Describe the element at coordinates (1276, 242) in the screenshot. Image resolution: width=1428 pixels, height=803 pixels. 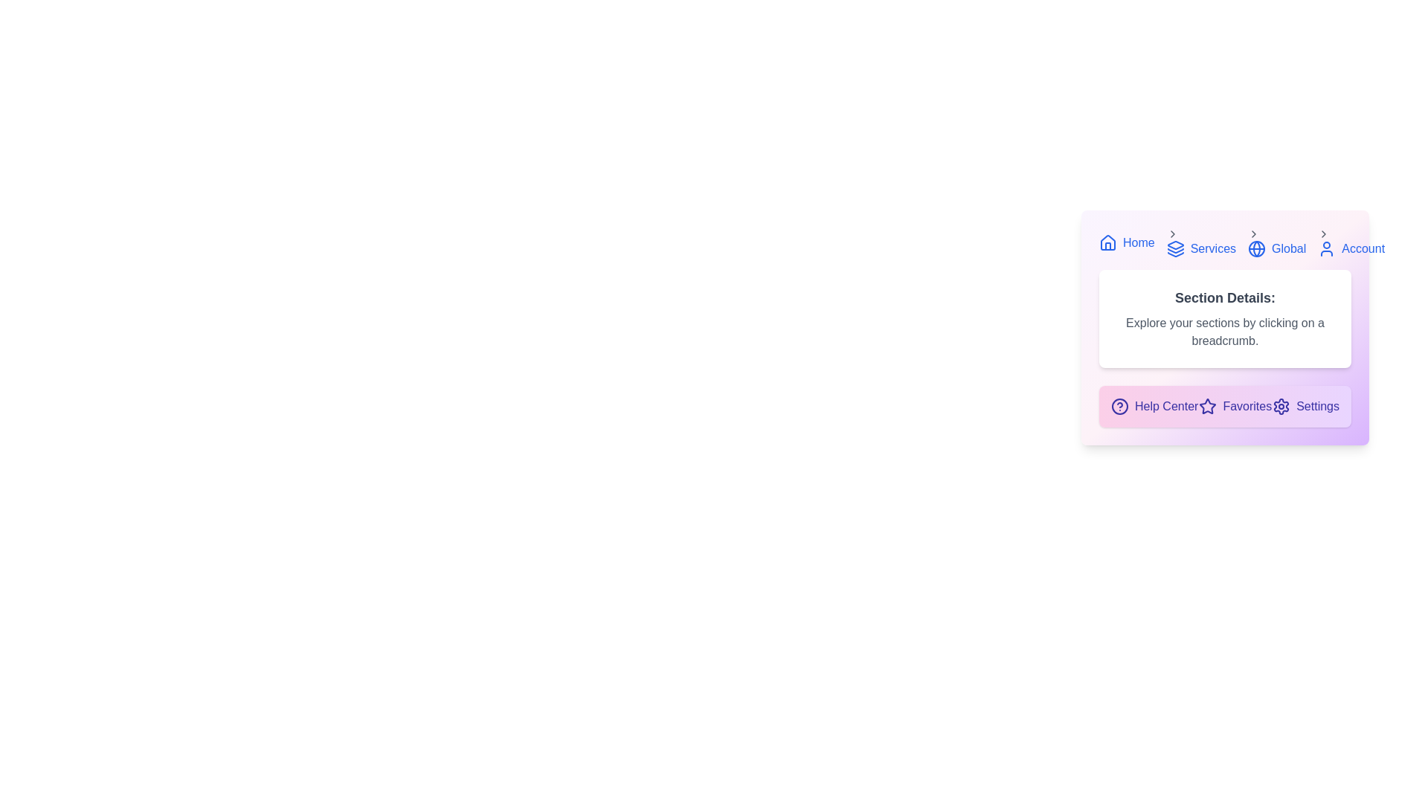
I see `the Interactive breadcrumb link that allows navigation to the 'Global' section` at that location.